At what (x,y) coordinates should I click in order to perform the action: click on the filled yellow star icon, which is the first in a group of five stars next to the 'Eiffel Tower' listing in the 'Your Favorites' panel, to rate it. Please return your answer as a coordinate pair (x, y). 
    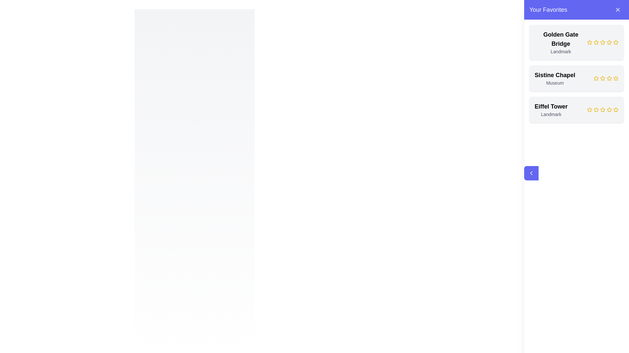
    Looking at the image, I should click on (590, 109).